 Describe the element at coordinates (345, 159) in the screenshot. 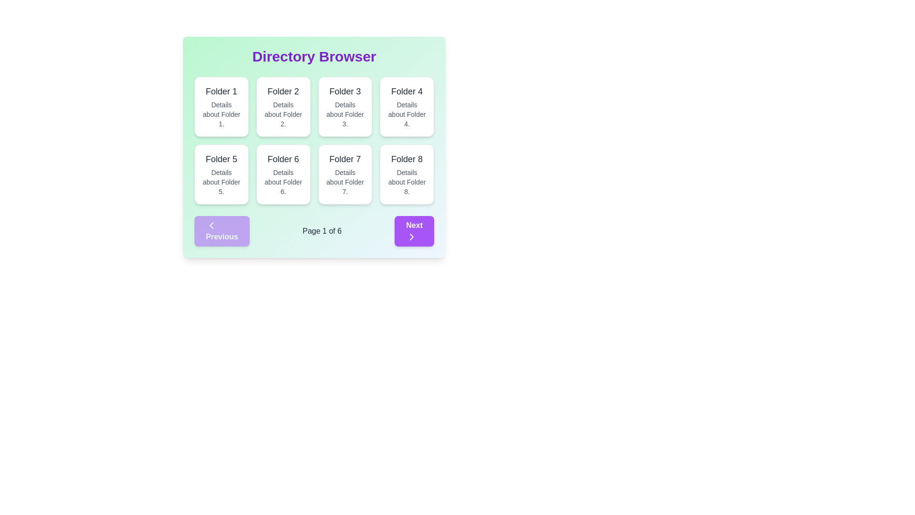

I see `the text label displaying 'Folder 7' located at the center of the third card in the second row of the folder card grid` at that location.